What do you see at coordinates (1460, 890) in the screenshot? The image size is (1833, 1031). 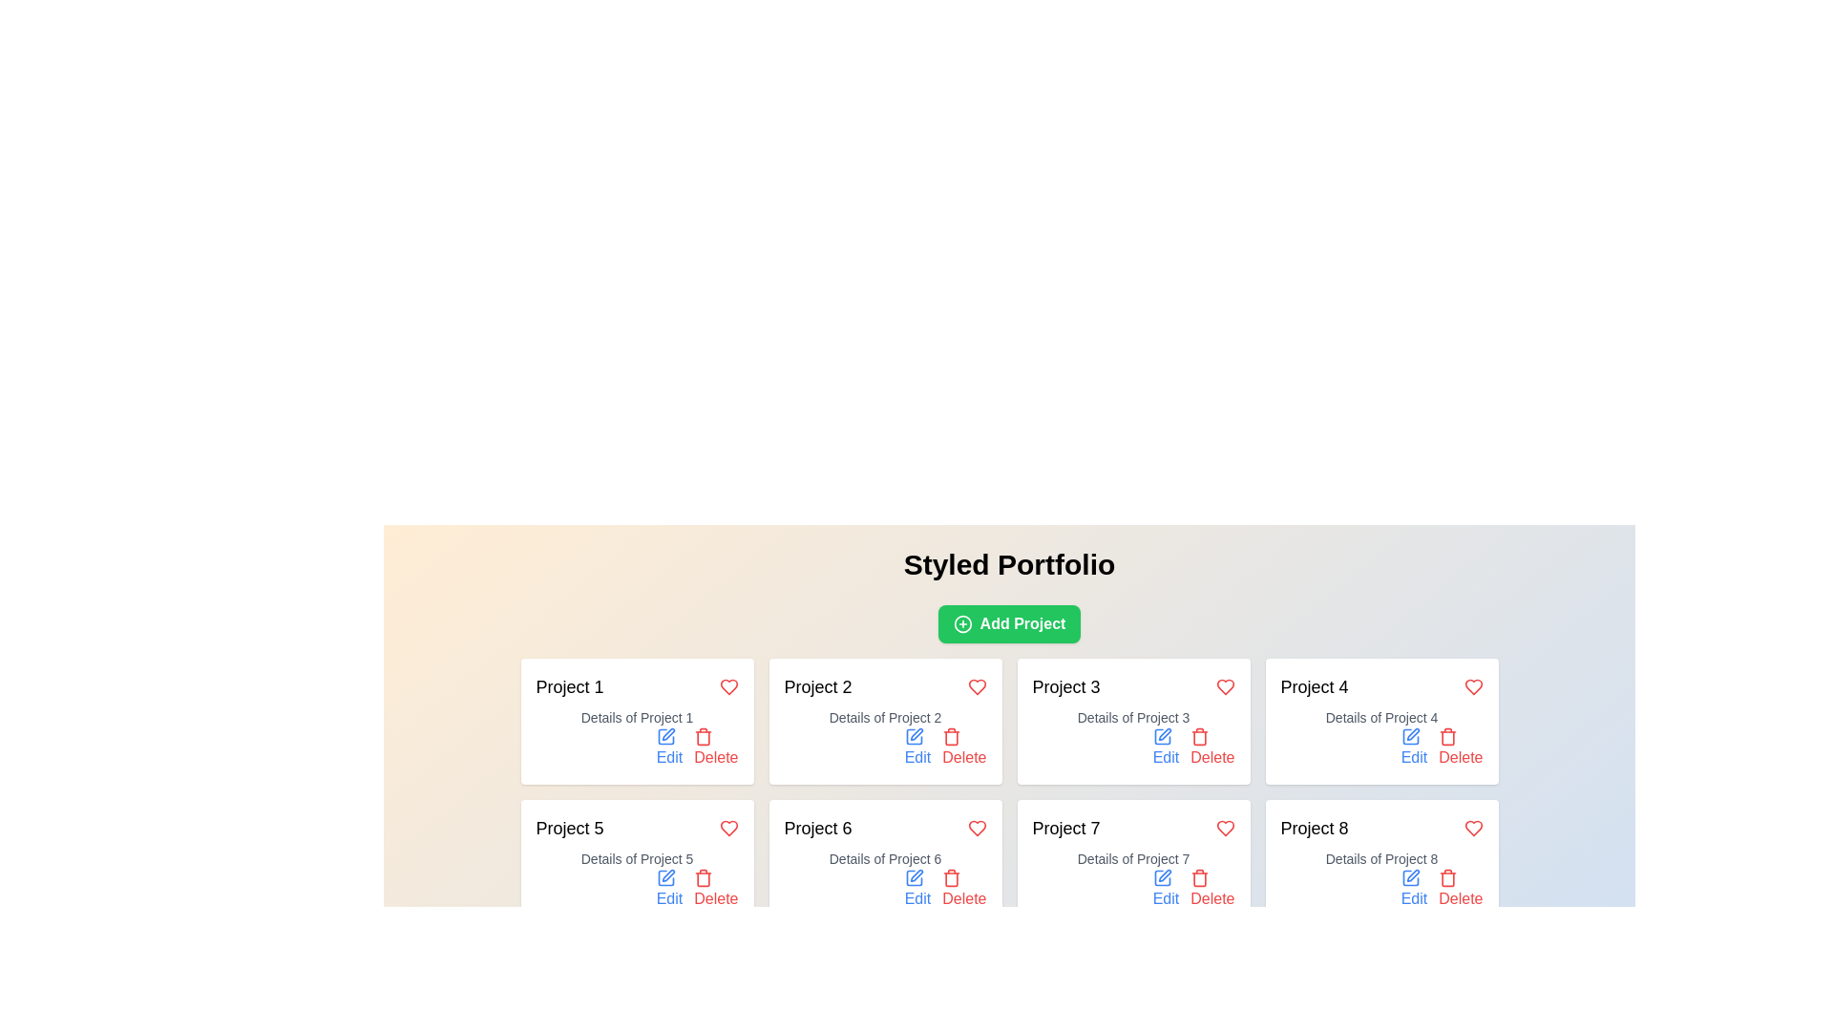 I see `the delete button located in the bottom-right corner of the 'Project 8' card to observe any tooltips or color changes` at bounding box center [1460, 890].